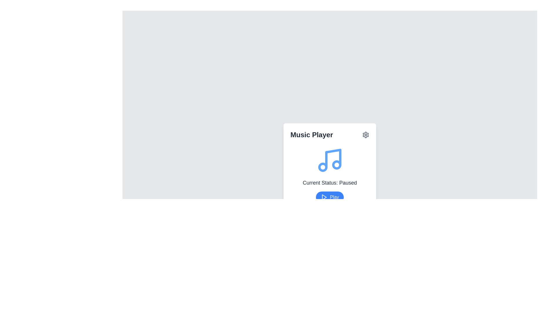 The height and width of the screenshot is (312, 556). I want to click on the small, light blue circular dot located in the bottom-right area of the musical note icon within the SVG component, so click(336, 165).